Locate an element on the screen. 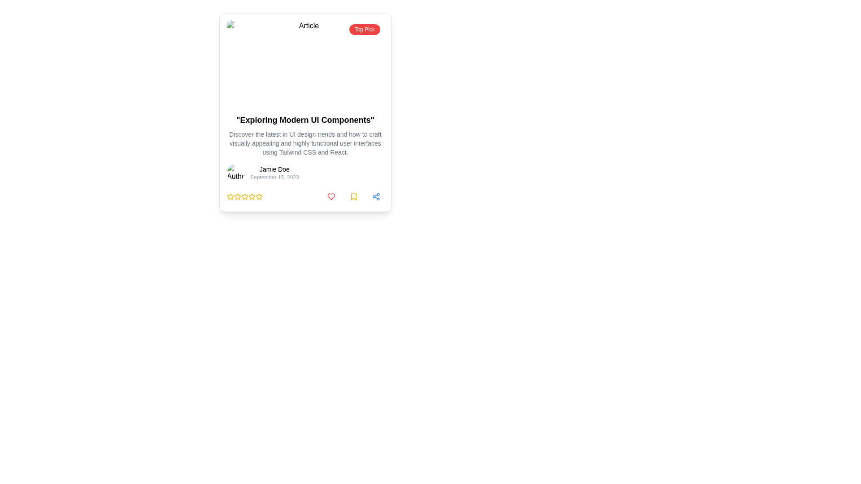 The height and width of the screenshot is (484, 861). text label displaying the date 'September 15, 2023', located below 'Jamie Doe', to retrieve additional metadata is located at coordinates (274, 177).